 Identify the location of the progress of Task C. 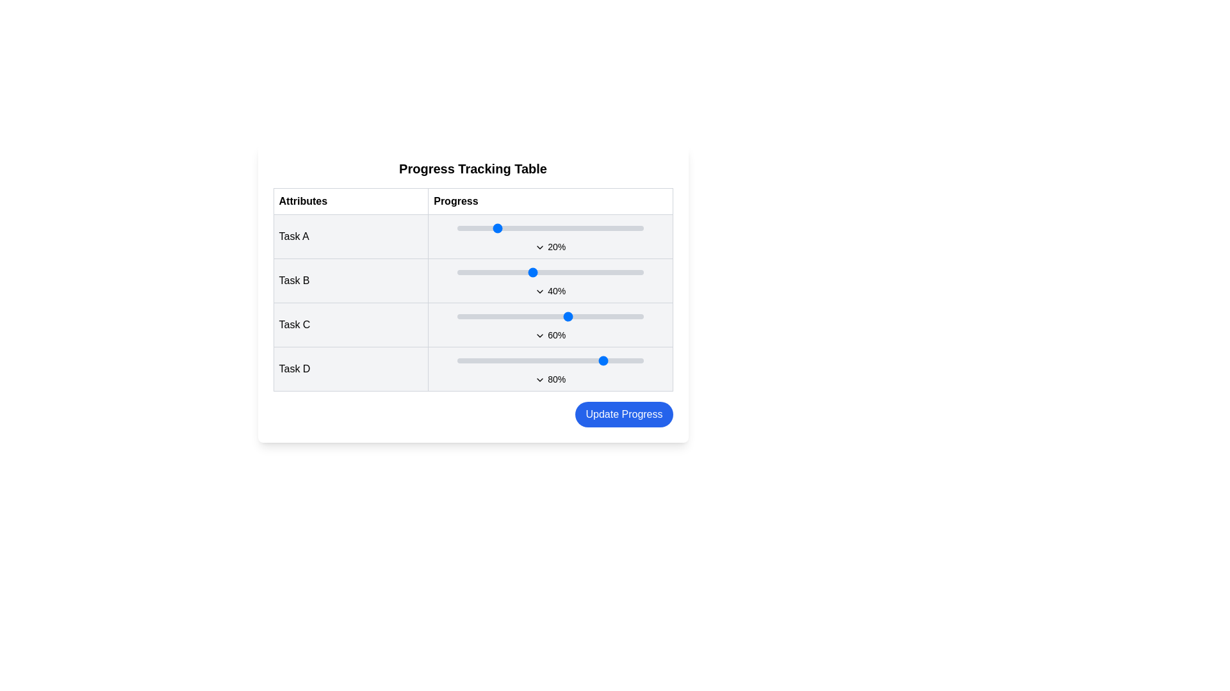
(640, 316).